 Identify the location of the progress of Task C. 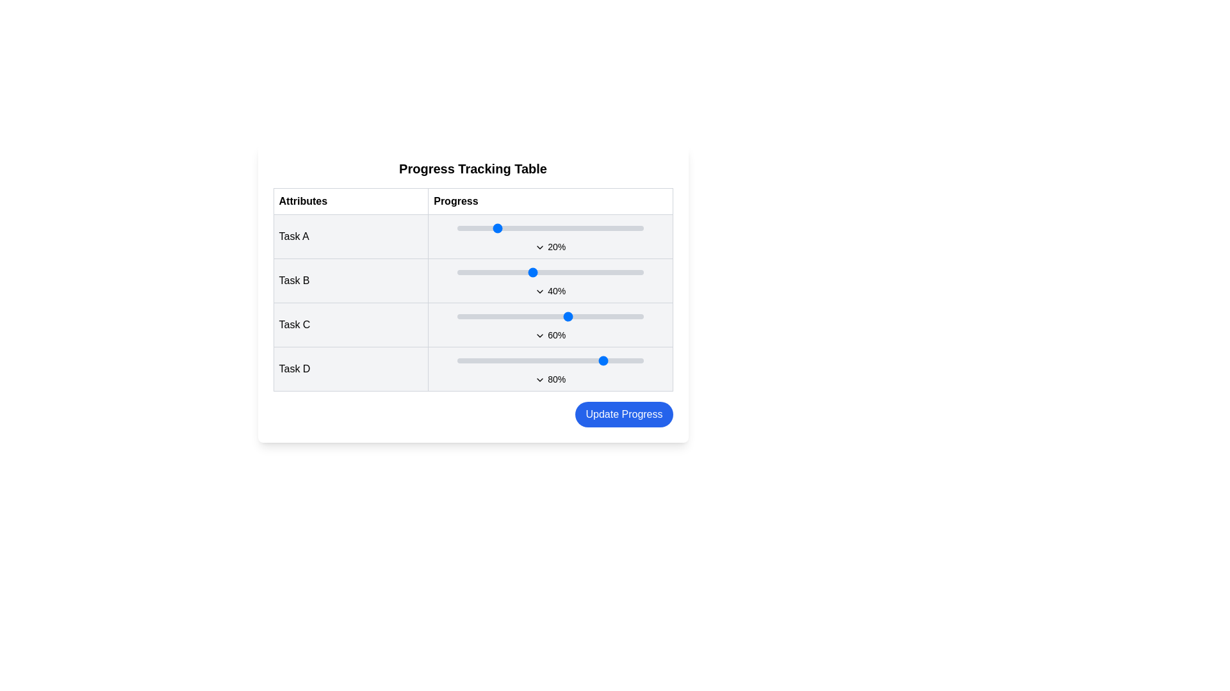
(640, 316).